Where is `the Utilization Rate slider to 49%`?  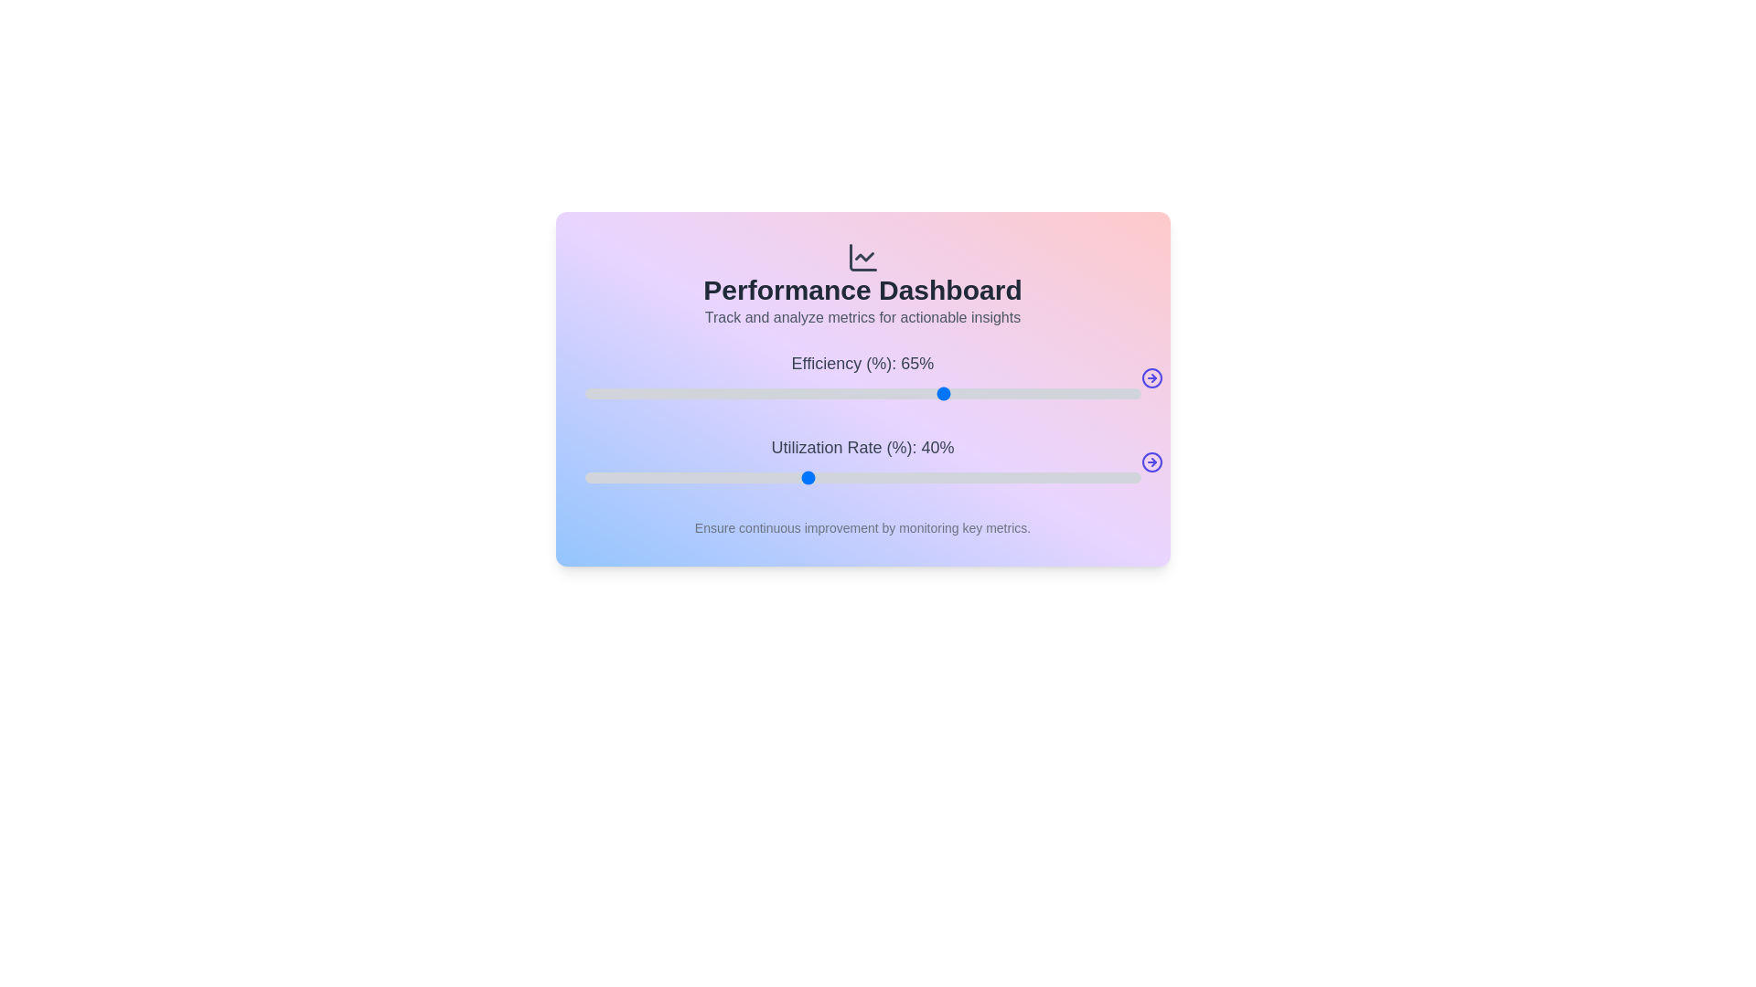
the Utilization Rate slider to 49% is located at coordinates (856, 477).